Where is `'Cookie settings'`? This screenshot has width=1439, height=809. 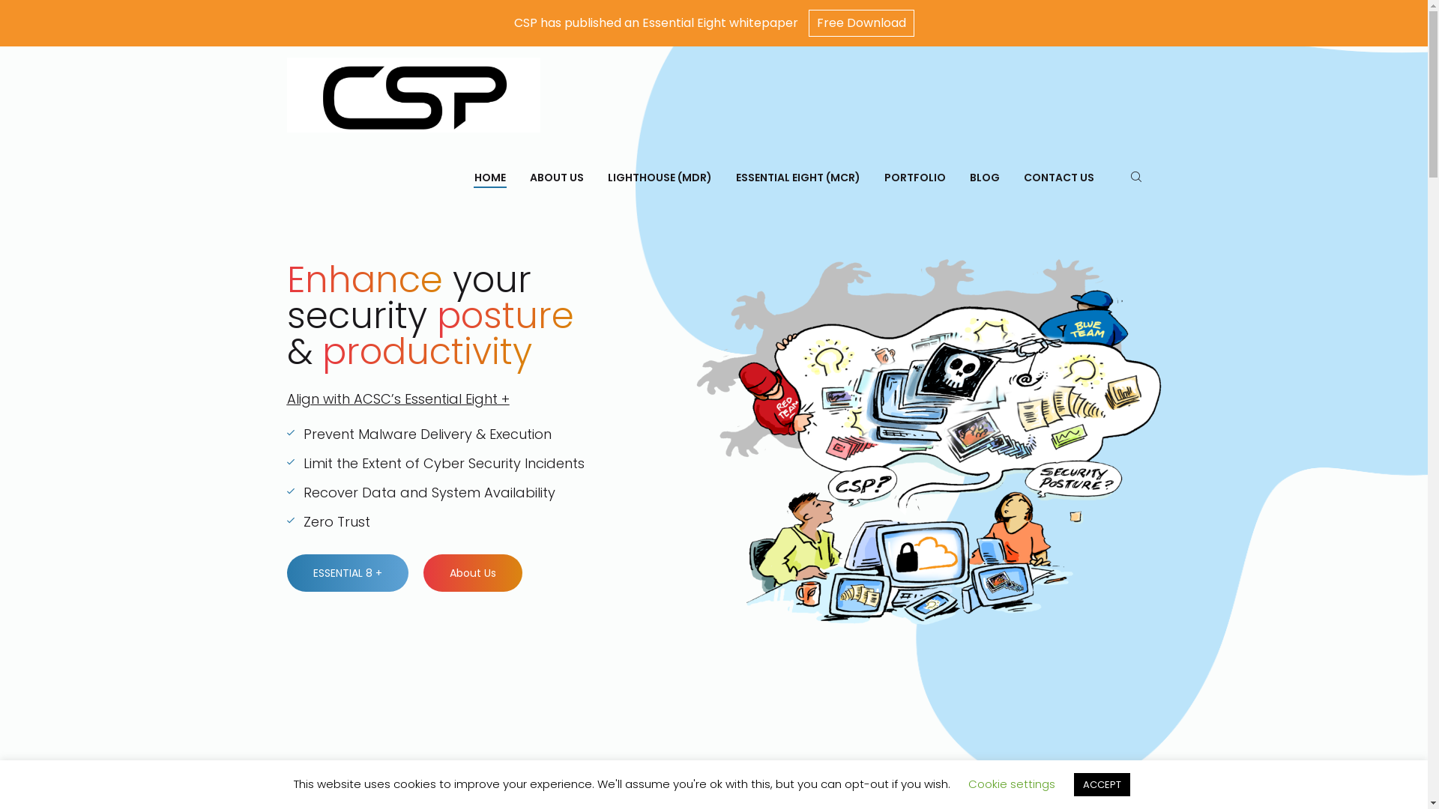 'Cookie settings' is located at coordinates (968, 783).